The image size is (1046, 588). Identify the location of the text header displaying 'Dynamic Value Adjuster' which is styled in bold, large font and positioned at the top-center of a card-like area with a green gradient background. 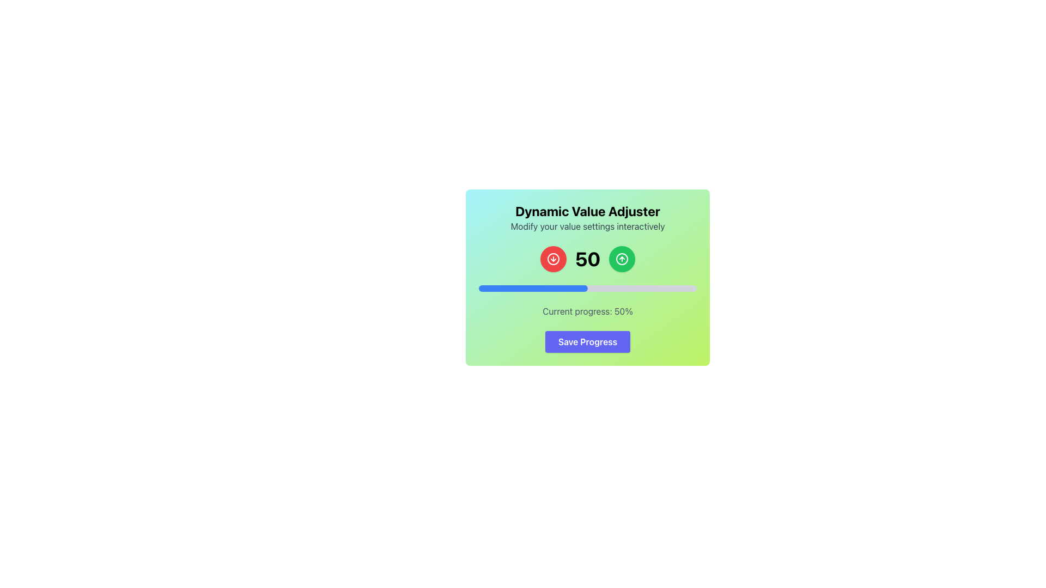
(587, 211).